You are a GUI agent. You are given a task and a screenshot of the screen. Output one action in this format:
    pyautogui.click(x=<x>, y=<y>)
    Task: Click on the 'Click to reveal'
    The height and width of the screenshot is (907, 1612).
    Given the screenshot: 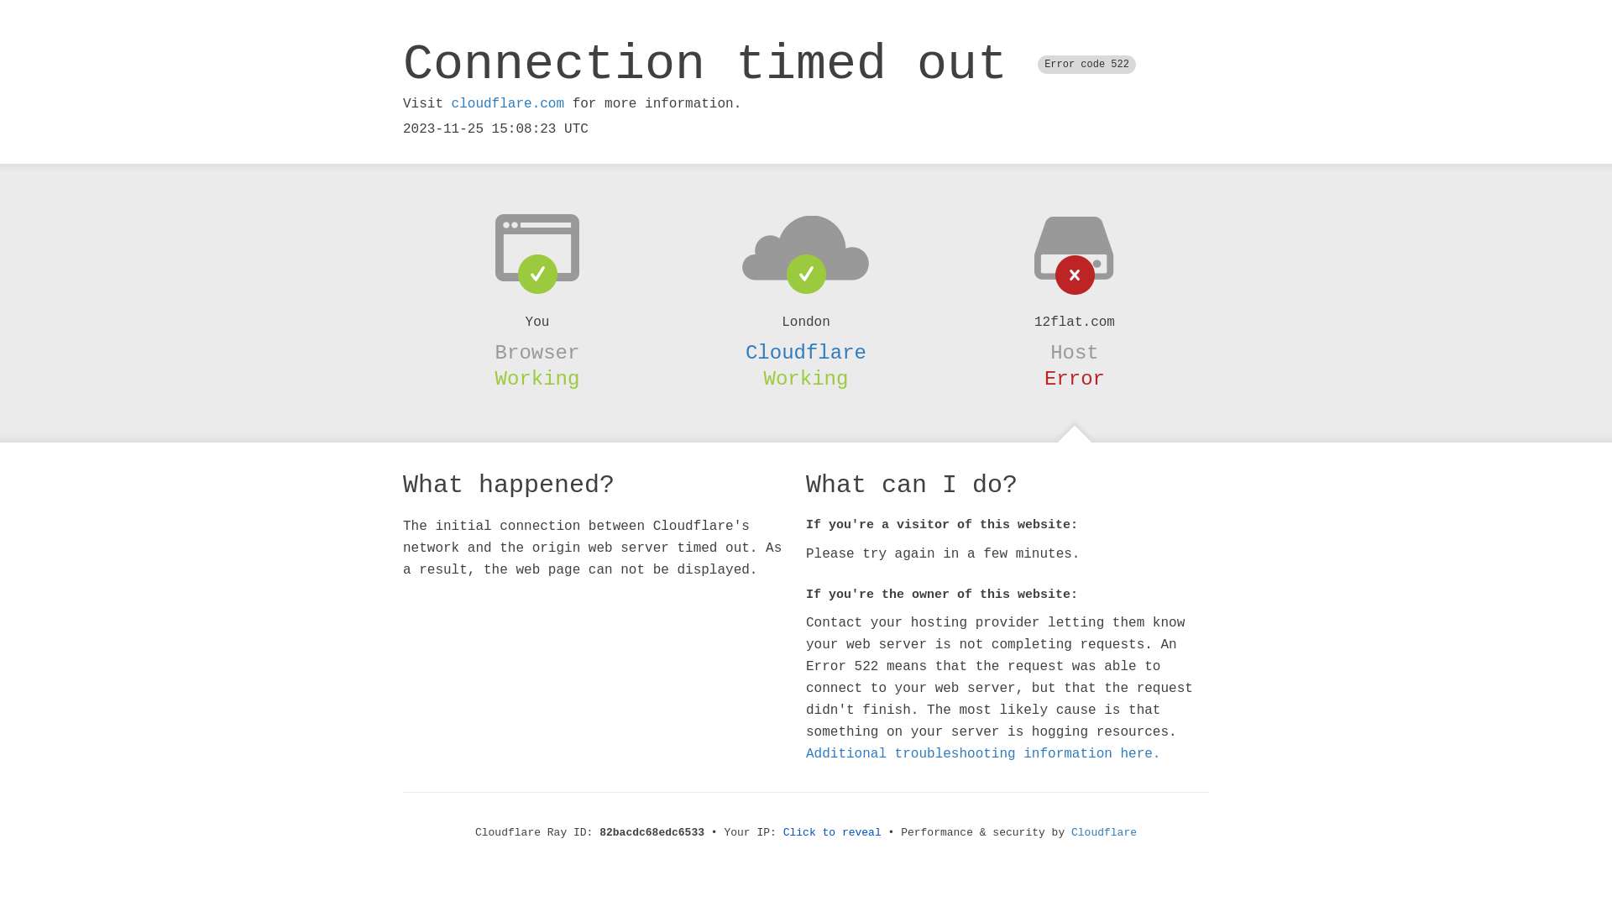 What is the action you would take?
    pyautogui.click(x=832, y=832)
    